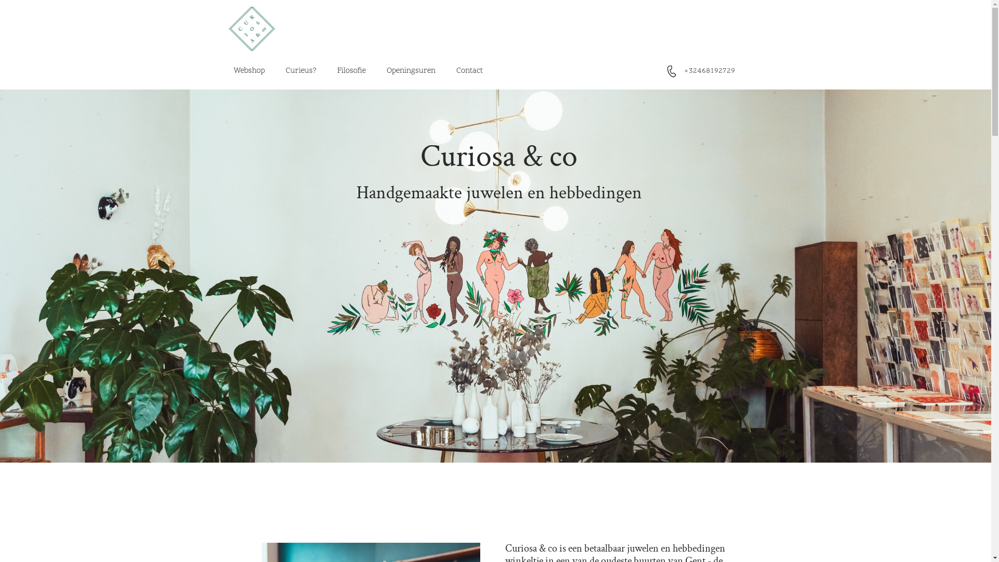 The width and height of the screenshot is (999, 562). I want to click on 'Contact', so click(468, 71).